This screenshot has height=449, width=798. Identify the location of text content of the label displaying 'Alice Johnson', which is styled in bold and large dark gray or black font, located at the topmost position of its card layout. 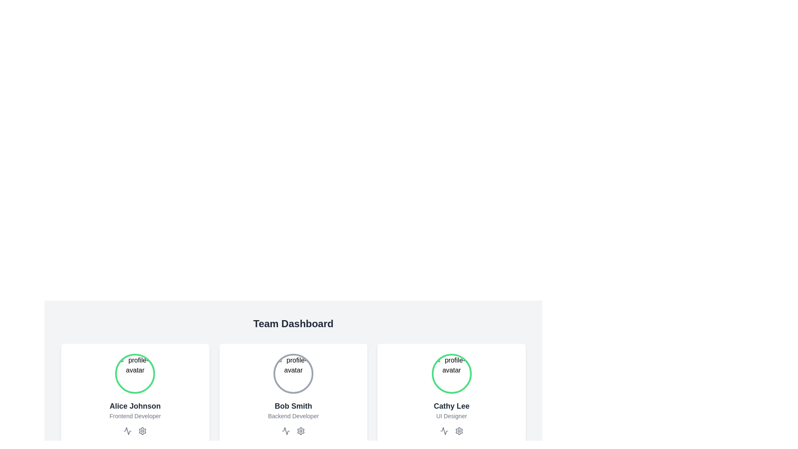
(135, 405).